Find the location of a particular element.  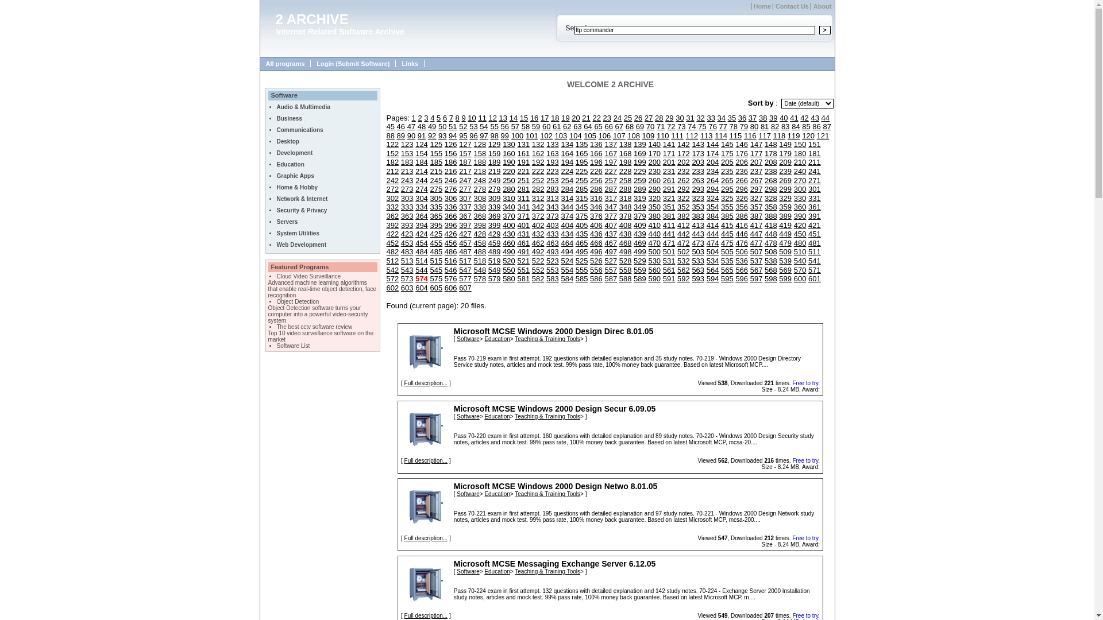

'203' is located at coordinates (691, 162).